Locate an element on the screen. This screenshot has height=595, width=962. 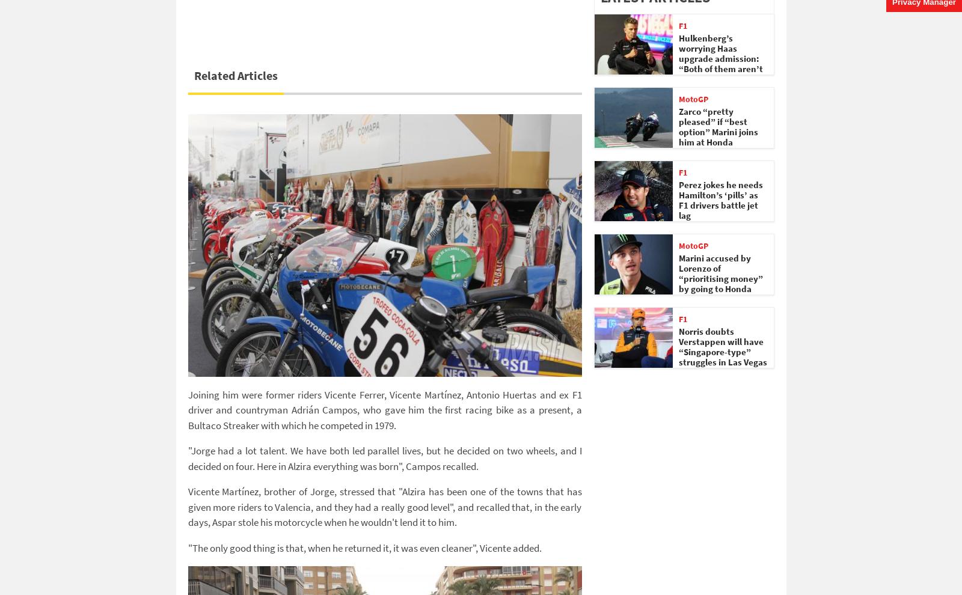
'Vicente Martínez, brother of Jorge, stressed that "Alzira has been one of the towns that has given more riders to Valencia, and they had a really good level", and recalled that, in the early days, Aspar stole his motorcycle when he wouldn't lend it to him.' is located at coordinates (384, 507).